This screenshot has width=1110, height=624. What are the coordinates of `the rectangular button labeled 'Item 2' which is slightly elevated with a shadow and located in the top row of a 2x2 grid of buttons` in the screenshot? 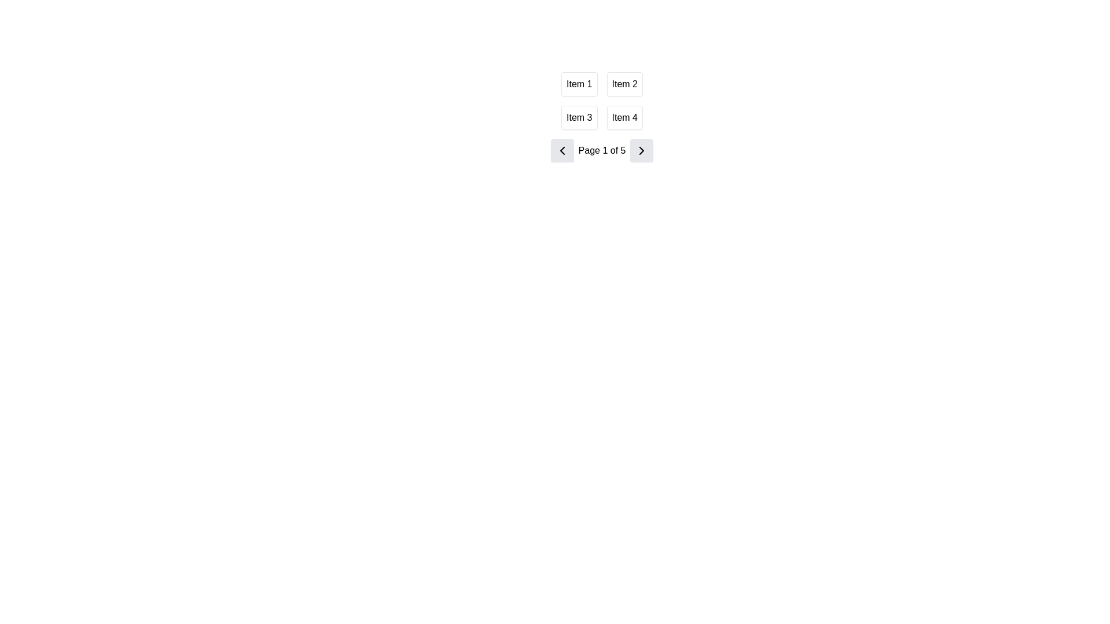 It's located at (624, 84).